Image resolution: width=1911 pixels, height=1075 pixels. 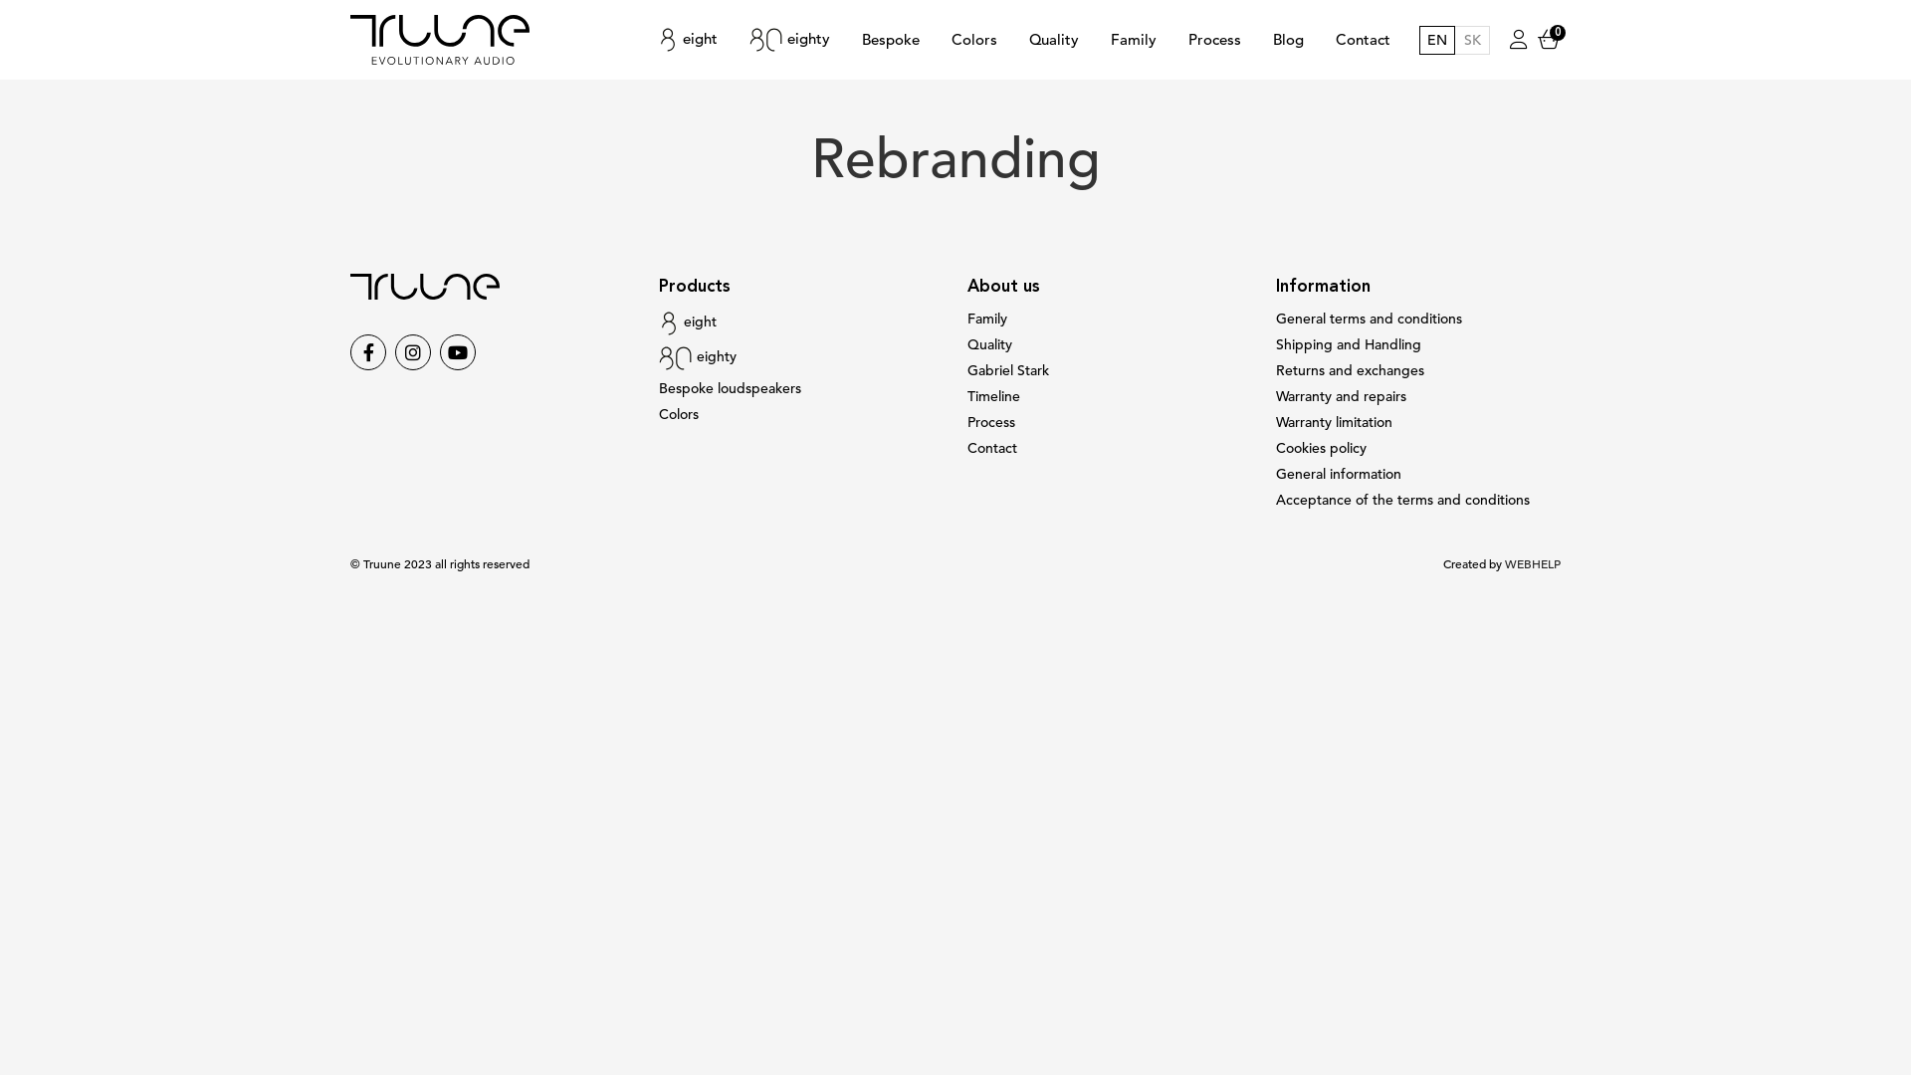 What do you see at coordinates (1437, 40) in the screenshot?
I see `'EN'` at bounding box center [1437, 40].